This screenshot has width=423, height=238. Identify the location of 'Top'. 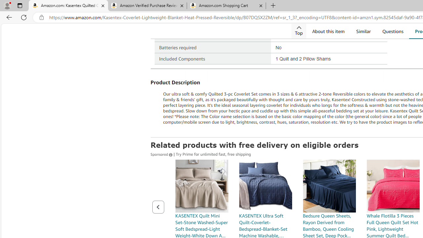
(298, 31).